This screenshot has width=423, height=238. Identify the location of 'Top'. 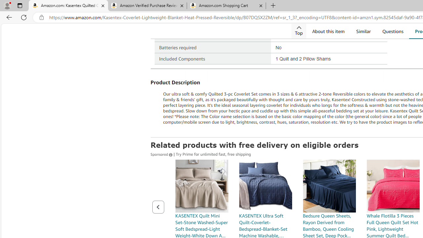
(298, 31).